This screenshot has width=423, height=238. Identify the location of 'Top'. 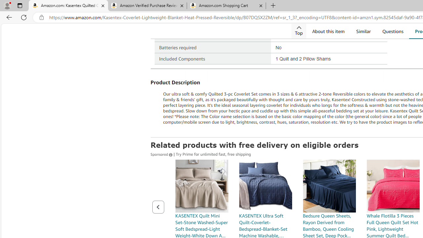
(298, 31).